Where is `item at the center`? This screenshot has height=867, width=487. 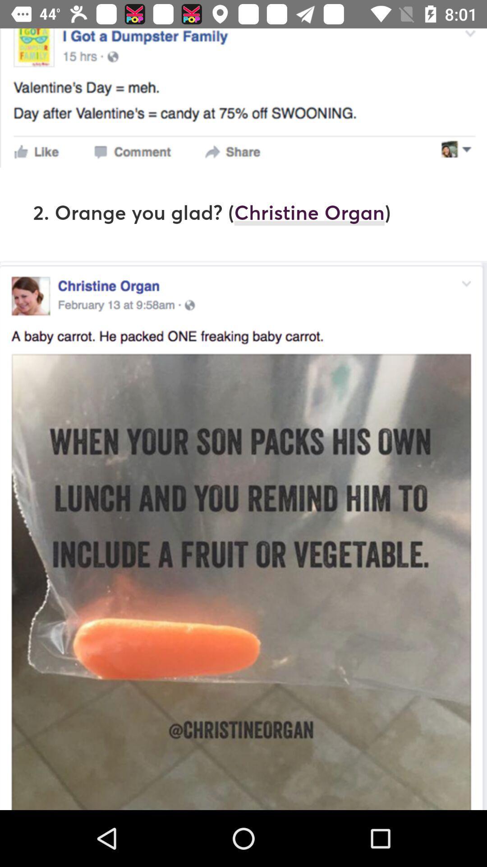 item at the center is located at coordinates (243, 419).